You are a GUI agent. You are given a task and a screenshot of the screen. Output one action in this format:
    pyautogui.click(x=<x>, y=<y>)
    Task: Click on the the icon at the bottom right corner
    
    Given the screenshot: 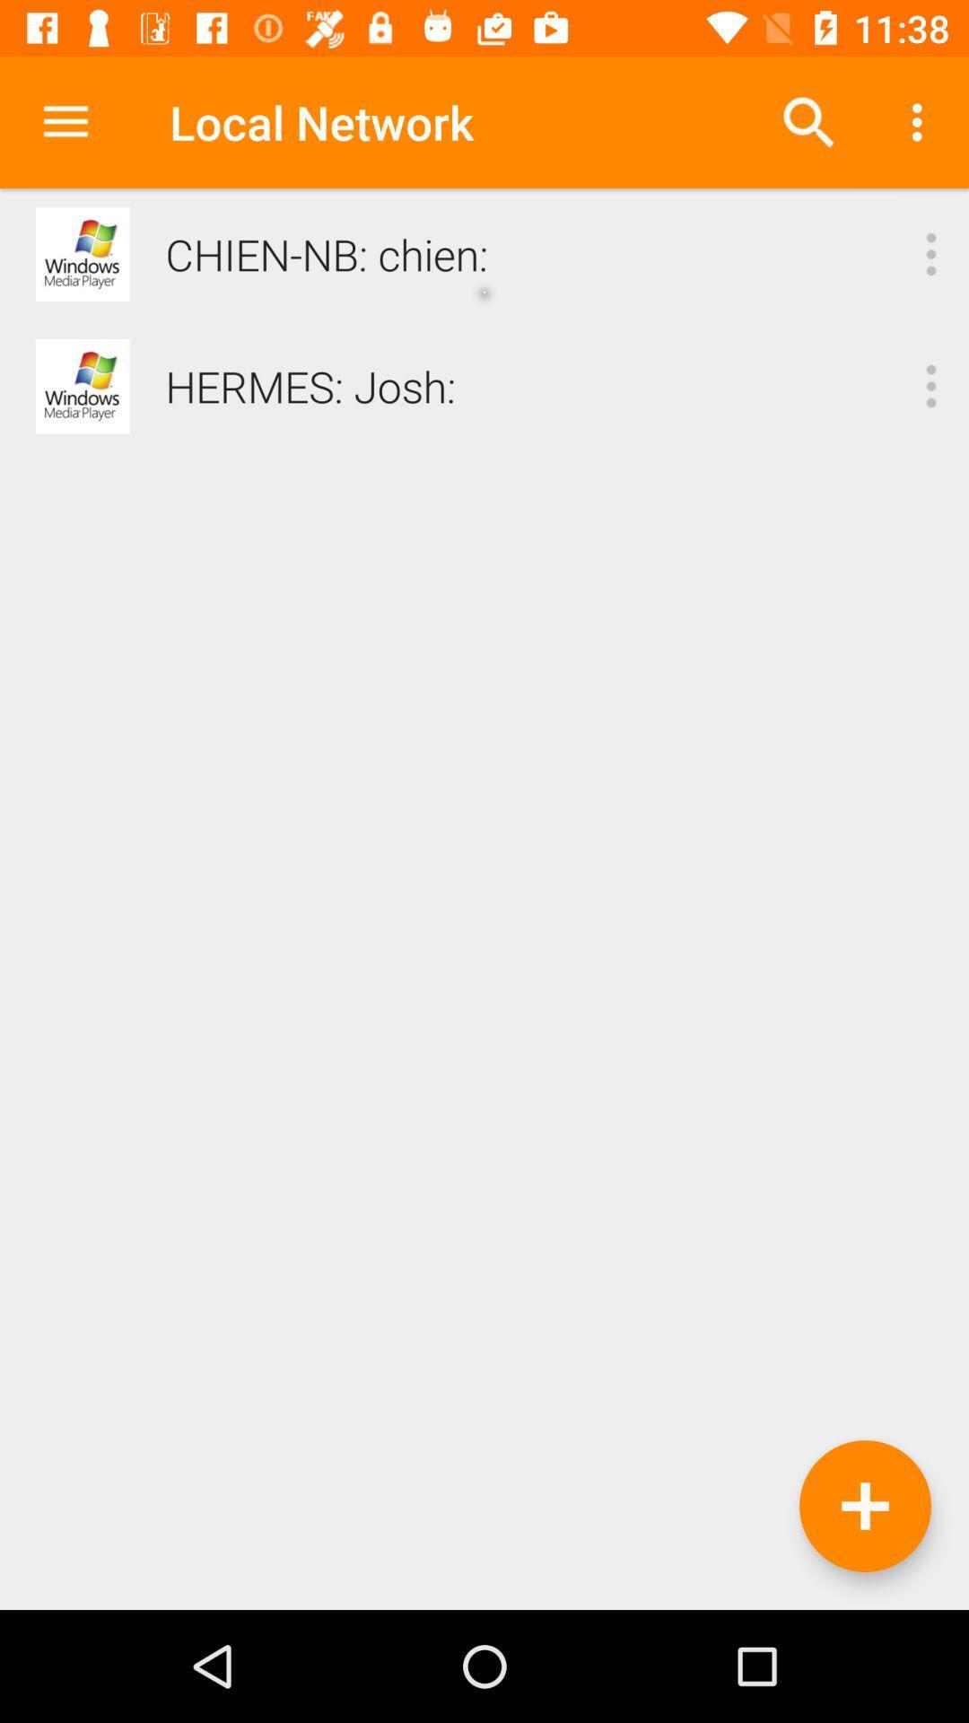 What is the action you would take?
    pyautogui.click(x=864, y=1506)
    